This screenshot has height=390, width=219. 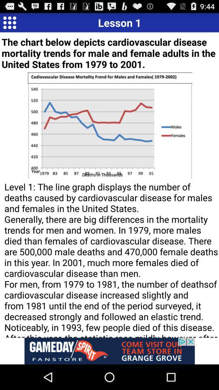 What do you see at coordinates (9, 22) in the screenshot?
I see `open menu` at bounding box center [9, 22].